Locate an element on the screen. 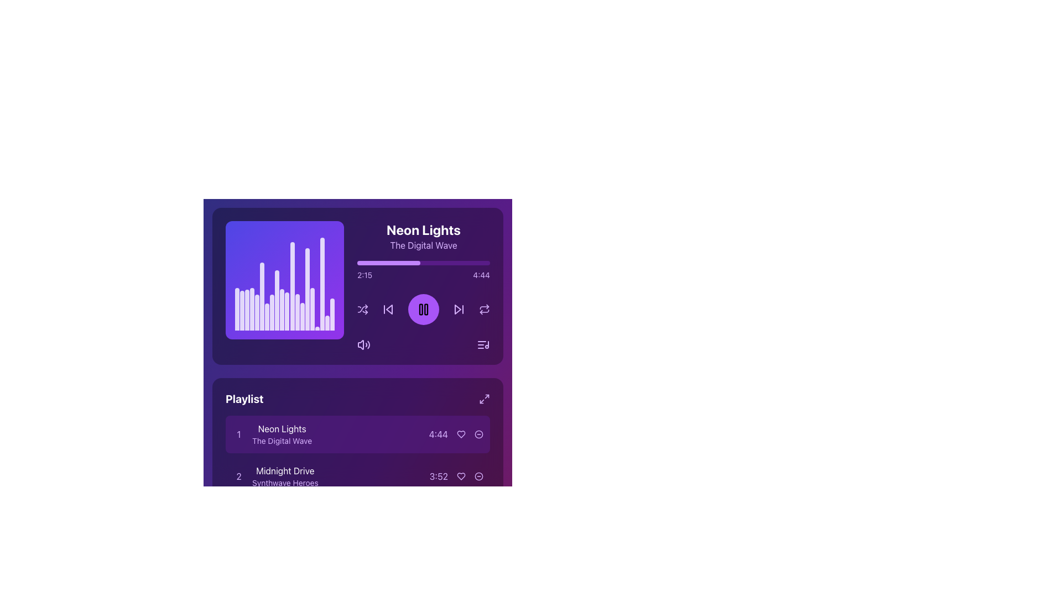  the pause toggle button located centrally within the purple circular button at the bottom-right section of the media player header is located at coordinates (423, 309).